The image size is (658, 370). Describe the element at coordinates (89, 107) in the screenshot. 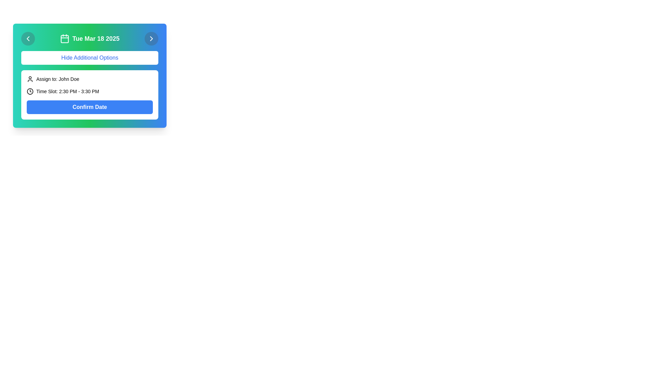

I see `the blue rectangular button labeled 'Confirm Date'` at that location.